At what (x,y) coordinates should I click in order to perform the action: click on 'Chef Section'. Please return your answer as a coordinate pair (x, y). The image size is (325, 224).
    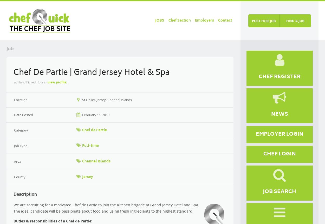
    Looking at the image, I should click on (179, 21).